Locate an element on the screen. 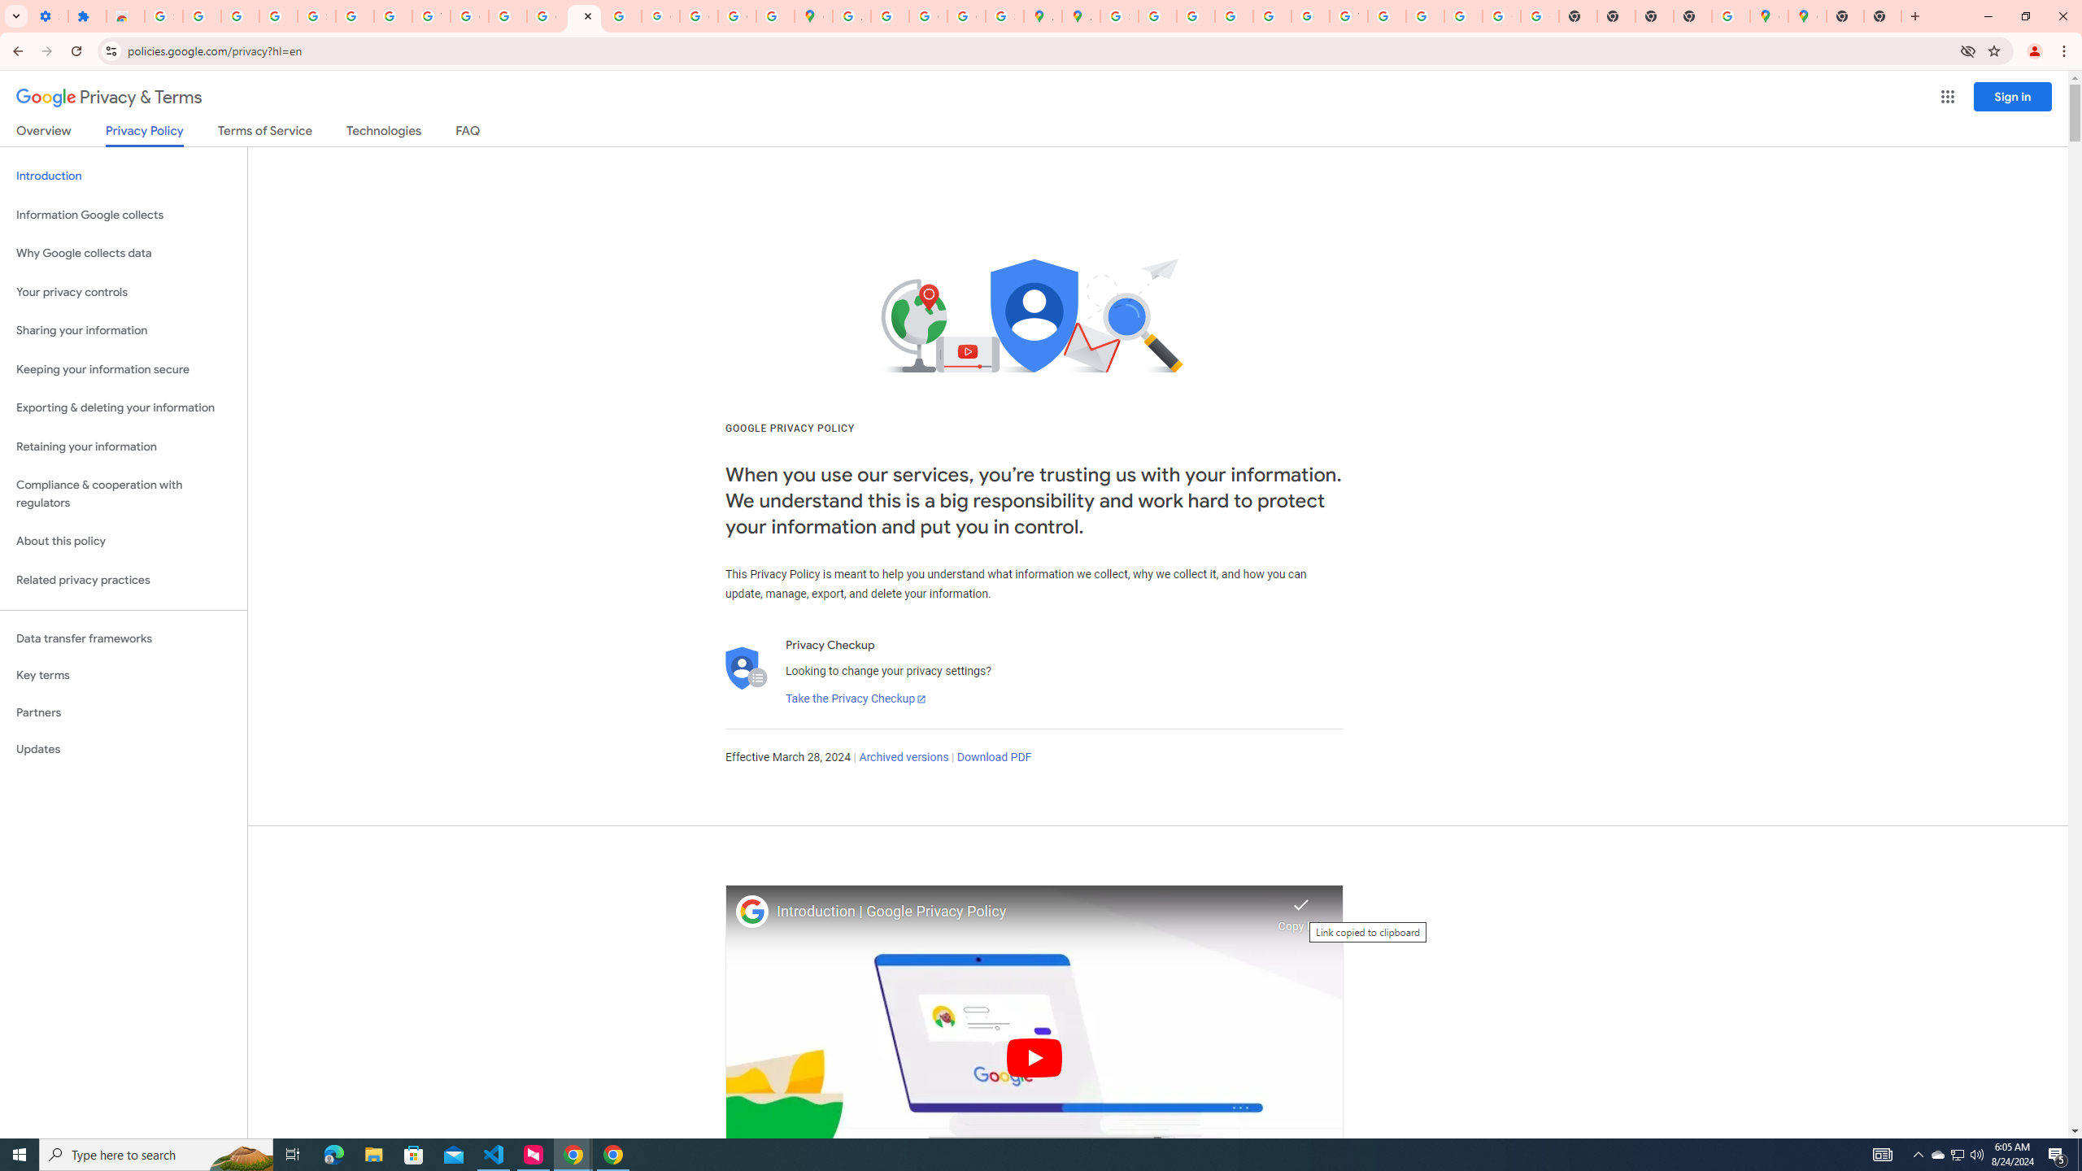 The width and height of the screenshot is (2082, 1171). 'Link copied to clipboard' is located at coordinates (1300, 909).